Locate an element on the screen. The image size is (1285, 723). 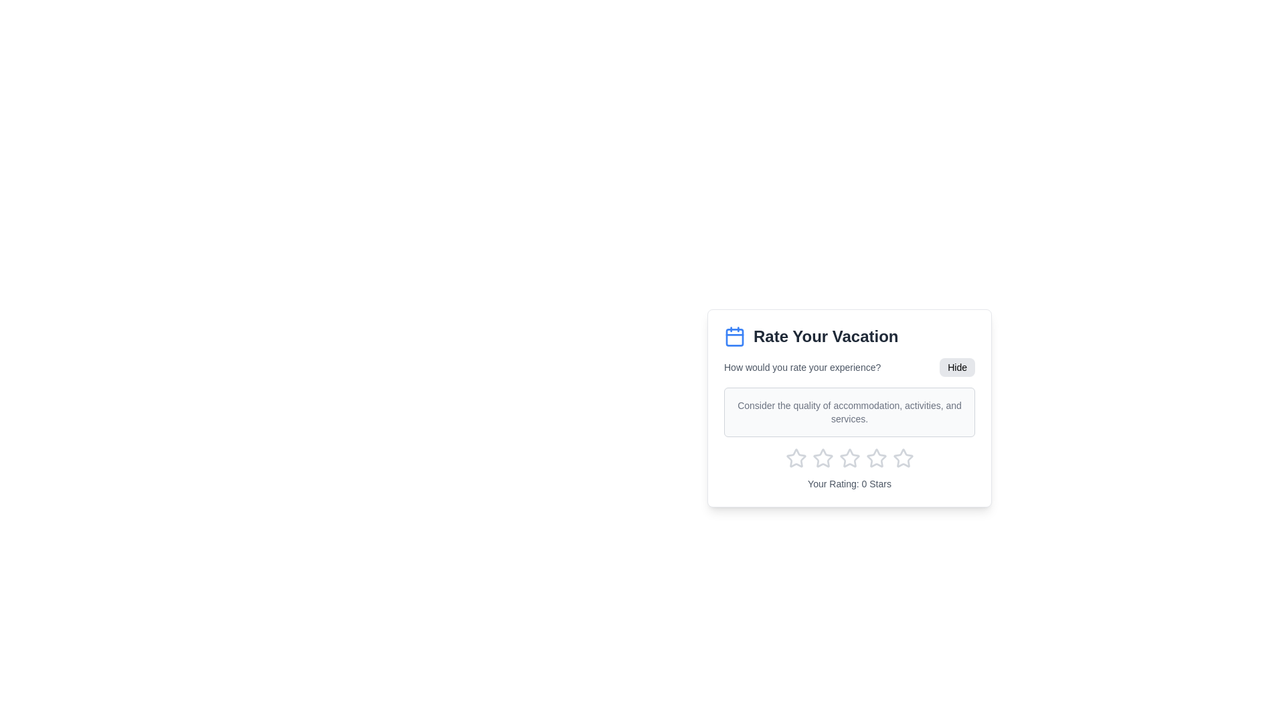
the main body of the calendar icon, which is represented by the decorative graphic located before the 'Rate Your Vacation' title is located at coordinates (734, 337).